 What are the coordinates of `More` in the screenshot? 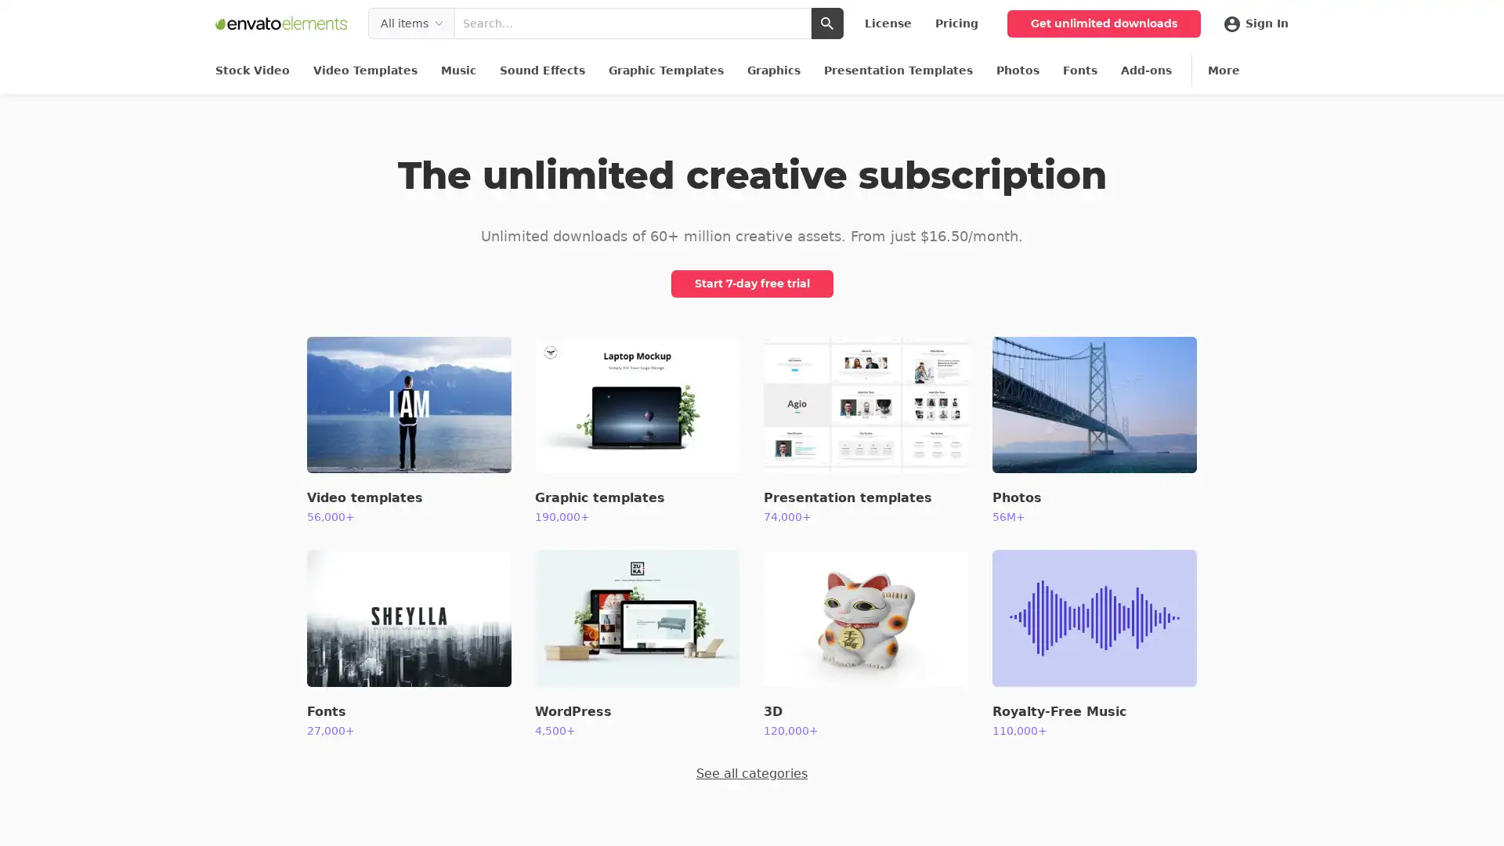 It's located at (1223, 69).